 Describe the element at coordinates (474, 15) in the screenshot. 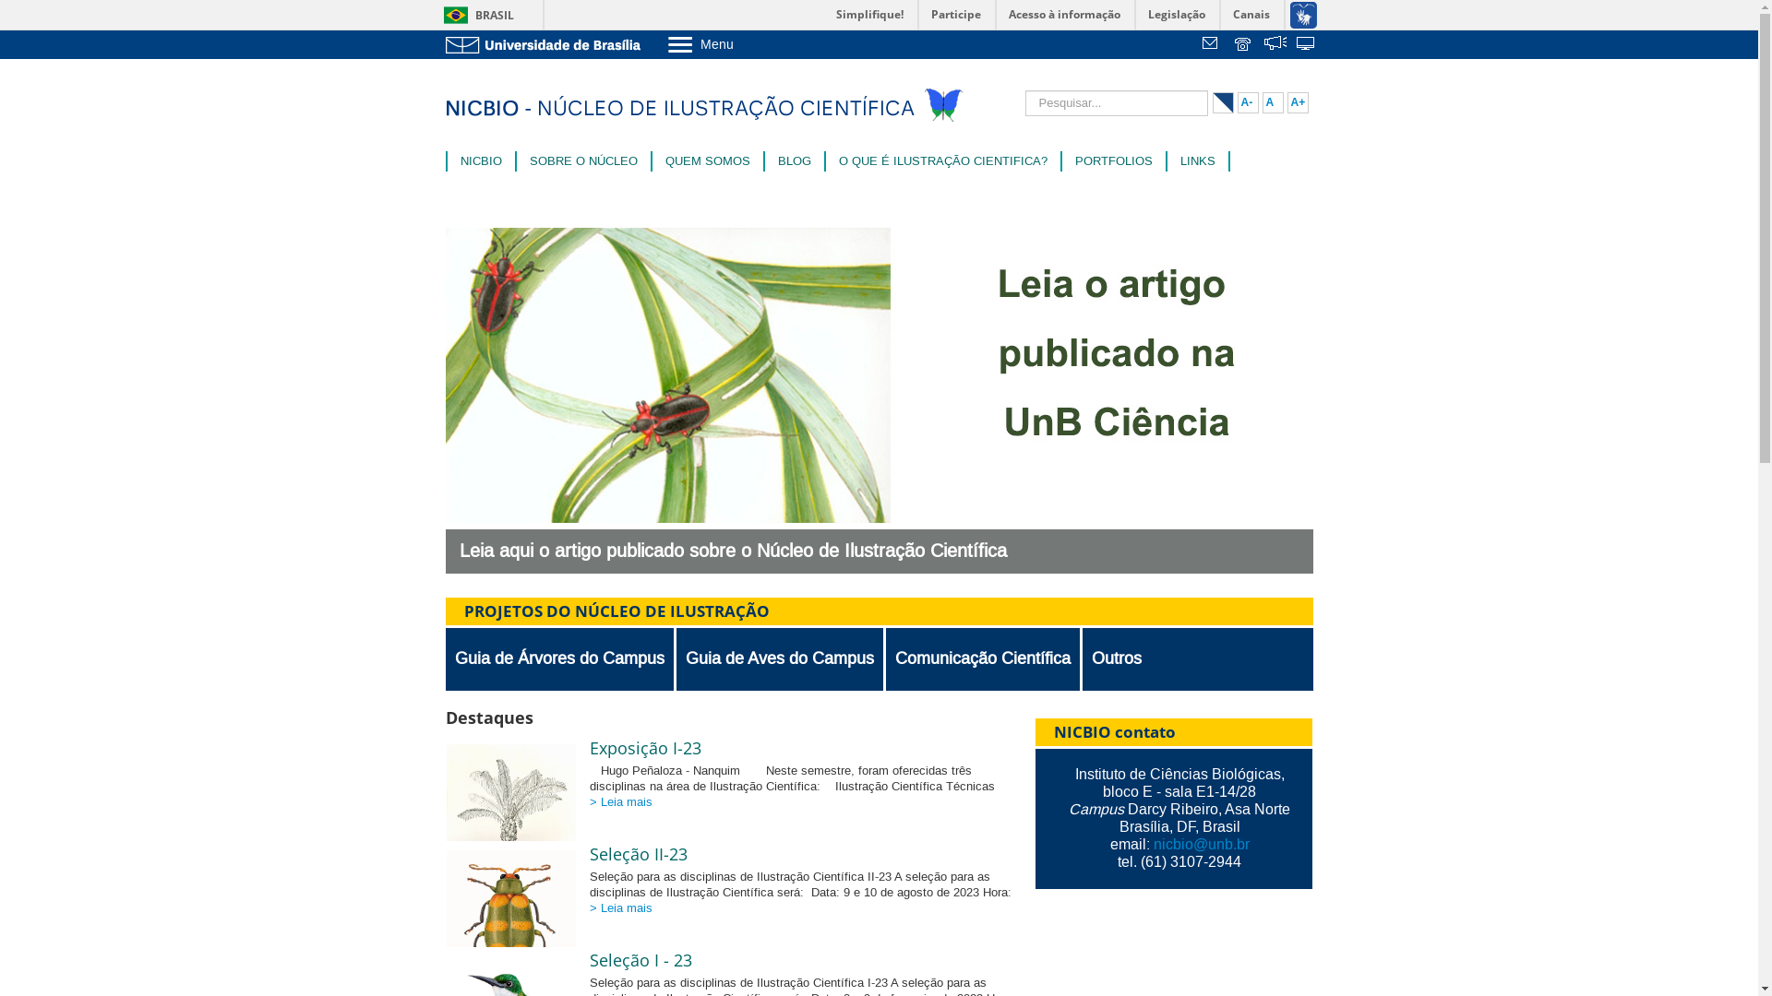

I see `'BRASIL'` at that location.